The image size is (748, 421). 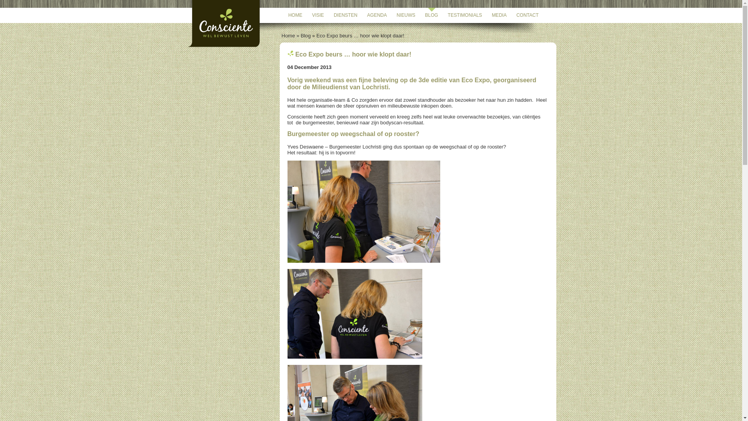 What do you see at coordinates (405, 15) in the screenshot?
I see `'NIEUWS'` at bounding box center [405, 15].